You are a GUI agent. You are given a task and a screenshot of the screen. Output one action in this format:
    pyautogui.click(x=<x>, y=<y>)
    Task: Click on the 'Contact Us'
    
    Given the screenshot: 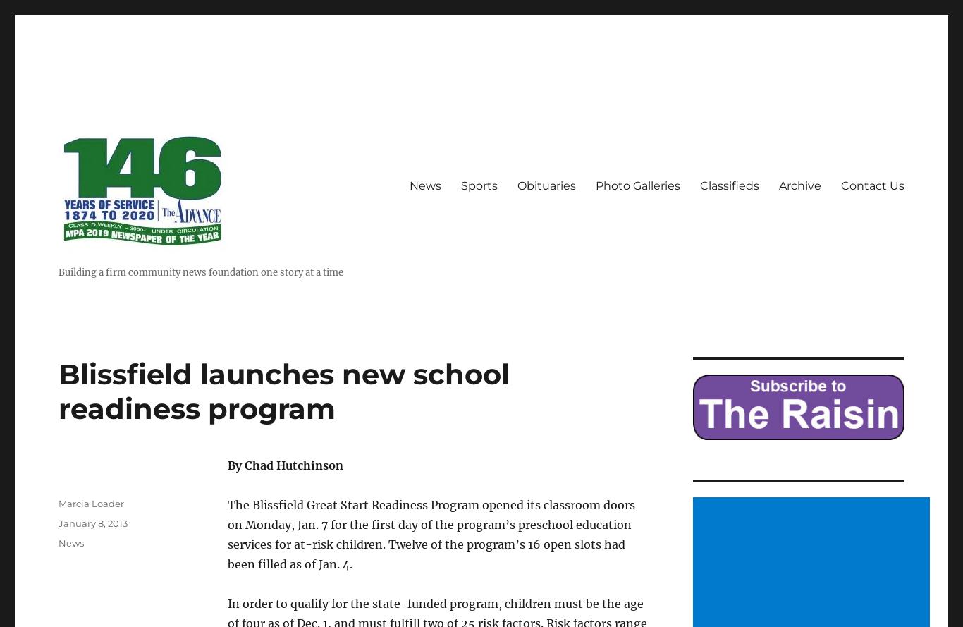 What is the action you would take?
    pyautogui.click(x=873, y=185)
    